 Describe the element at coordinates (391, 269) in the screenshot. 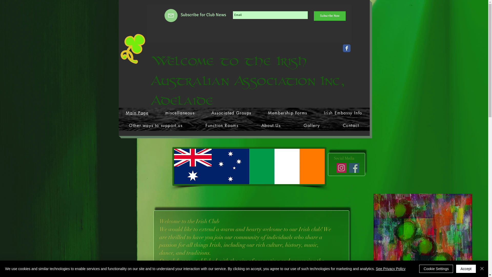

I see `'See Privacy Policy'` at that location.